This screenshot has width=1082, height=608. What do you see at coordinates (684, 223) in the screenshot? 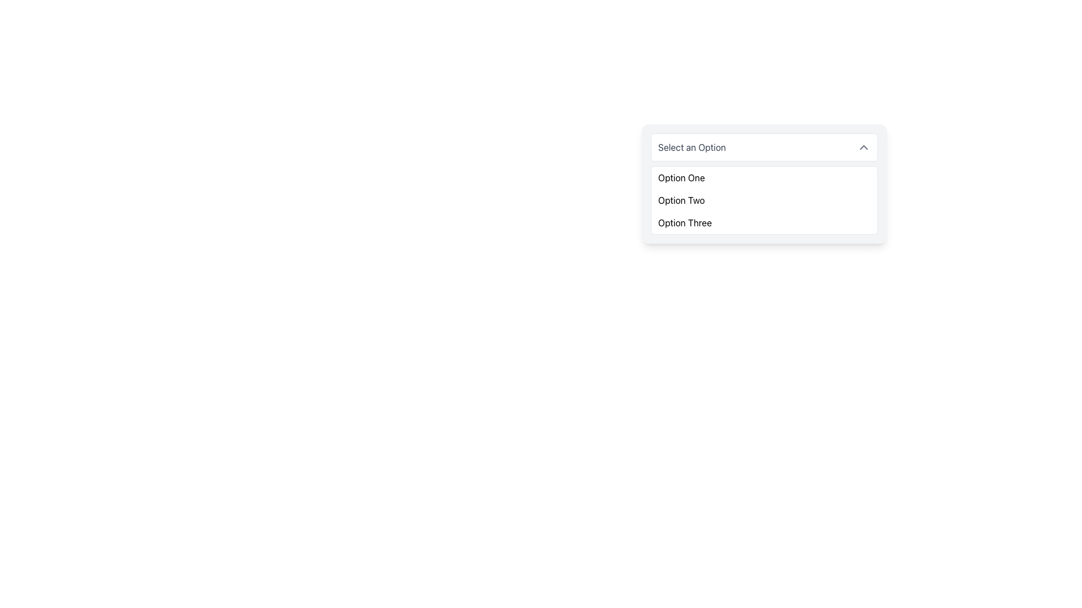
I see `the 'Option Three' in the dropdown list to provide visual indication of selection` at bounding box center [684, 223].